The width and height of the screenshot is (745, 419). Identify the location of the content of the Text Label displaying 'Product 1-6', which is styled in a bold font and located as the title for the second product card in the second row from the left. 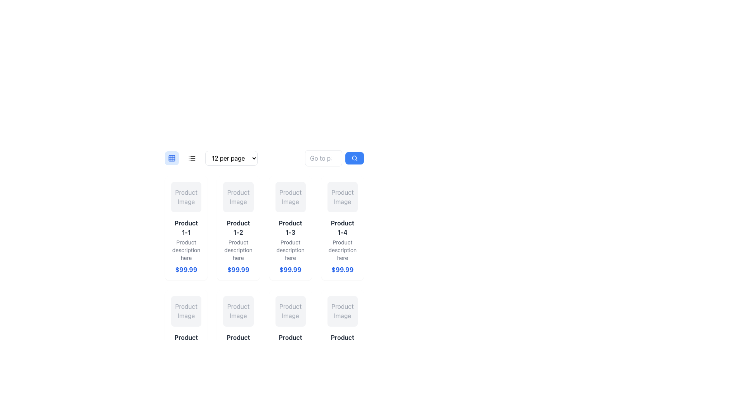
(238, 341).